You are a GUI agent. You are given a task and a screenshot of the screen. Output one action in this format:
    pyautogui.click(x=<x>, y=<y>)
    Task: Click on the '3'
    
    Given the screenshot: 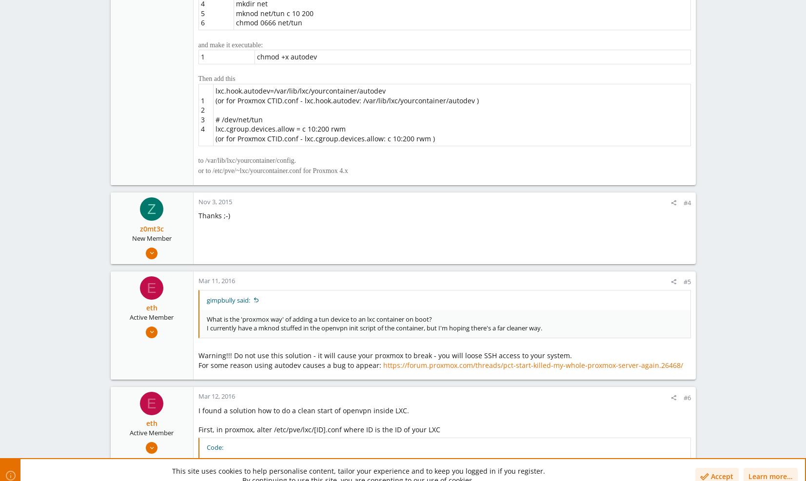 What is the action you would take?
    pyautogui.click(x=202, y=119)
    